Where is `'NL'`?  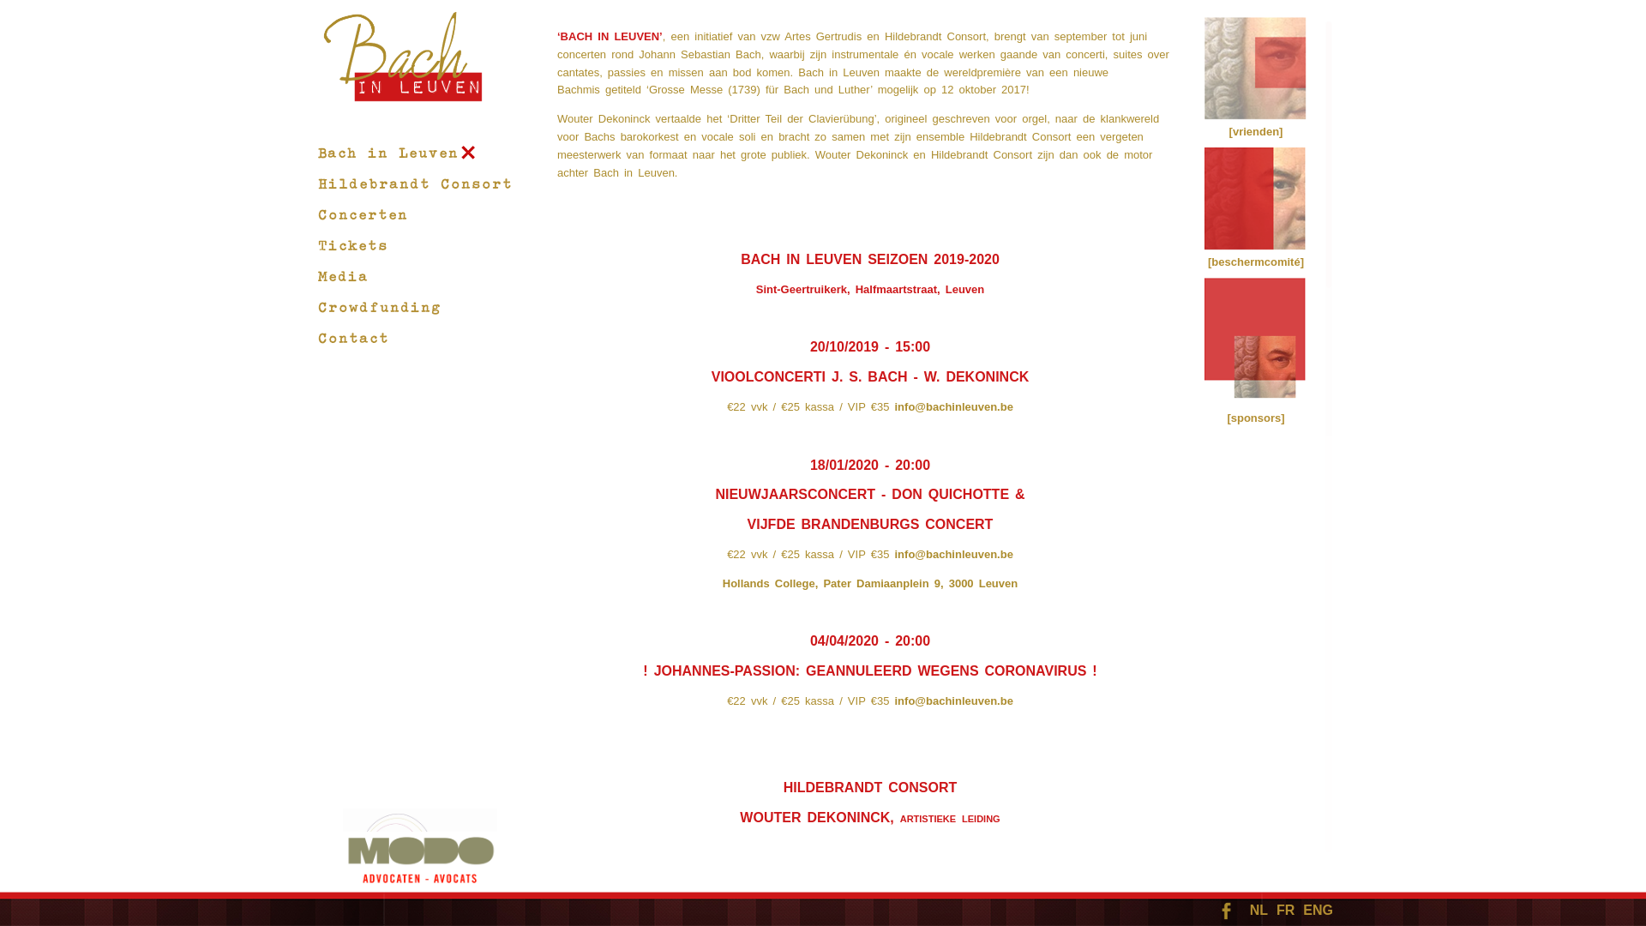
'NL' is located at coordinates (1254, 909).